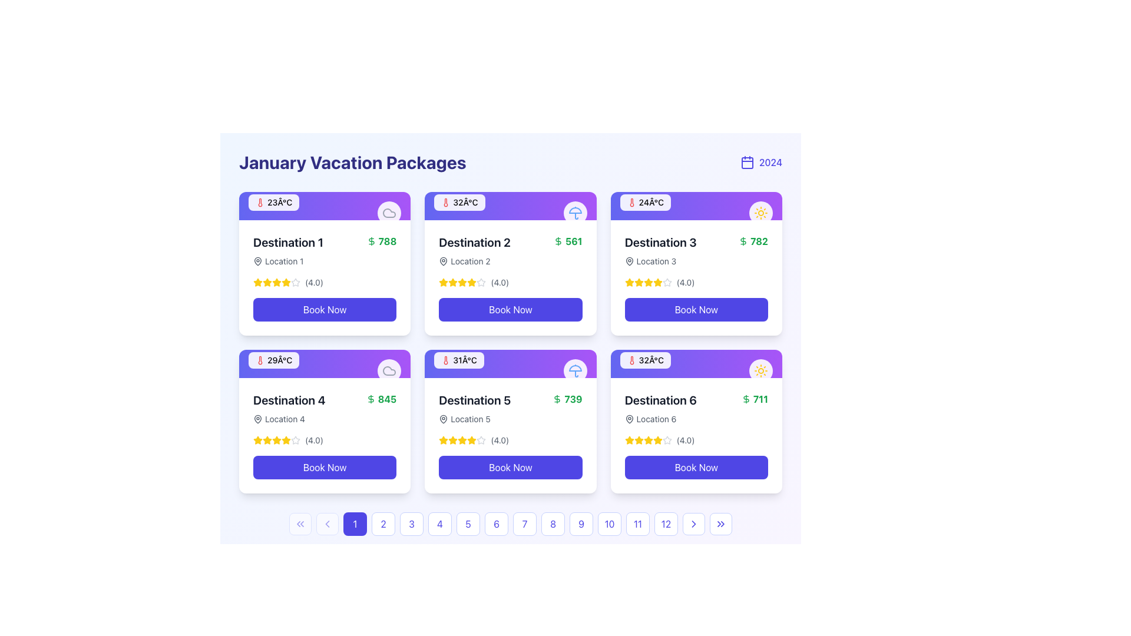  Describe the element at coordinates (629, 282) in the screenshot. I see `the star icon in the rating section of the 'Destination 3' vacation package card to interact with the rating` at that location.